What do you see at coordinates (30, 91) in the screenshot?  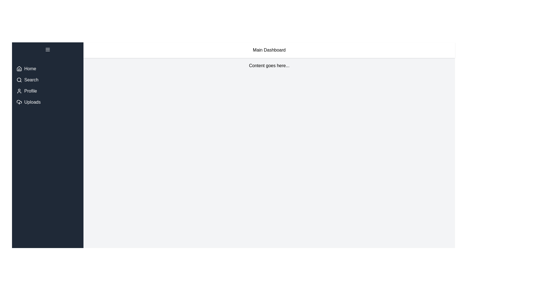 I see `the 'Profile' text label on the left sidebar` at bounding box center [30, 91].